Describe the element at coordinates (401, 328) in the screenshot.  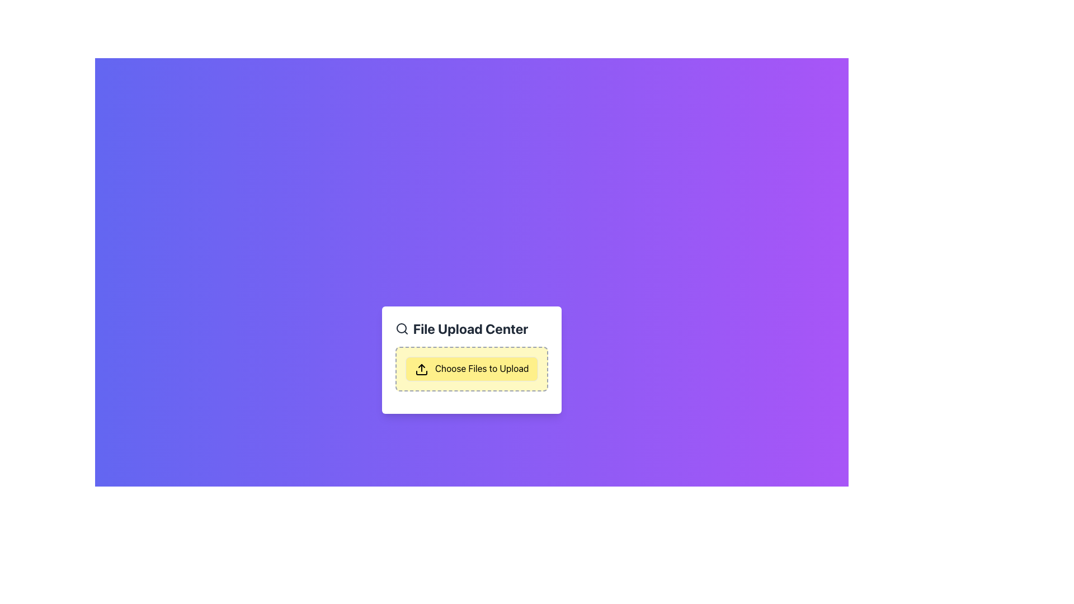
I see `the decorative graphic, which is a circular shape with a white center and a thin black border, located within a magnifying glass icon, positioned to the left of the 'File Upload Center' text` at that location.